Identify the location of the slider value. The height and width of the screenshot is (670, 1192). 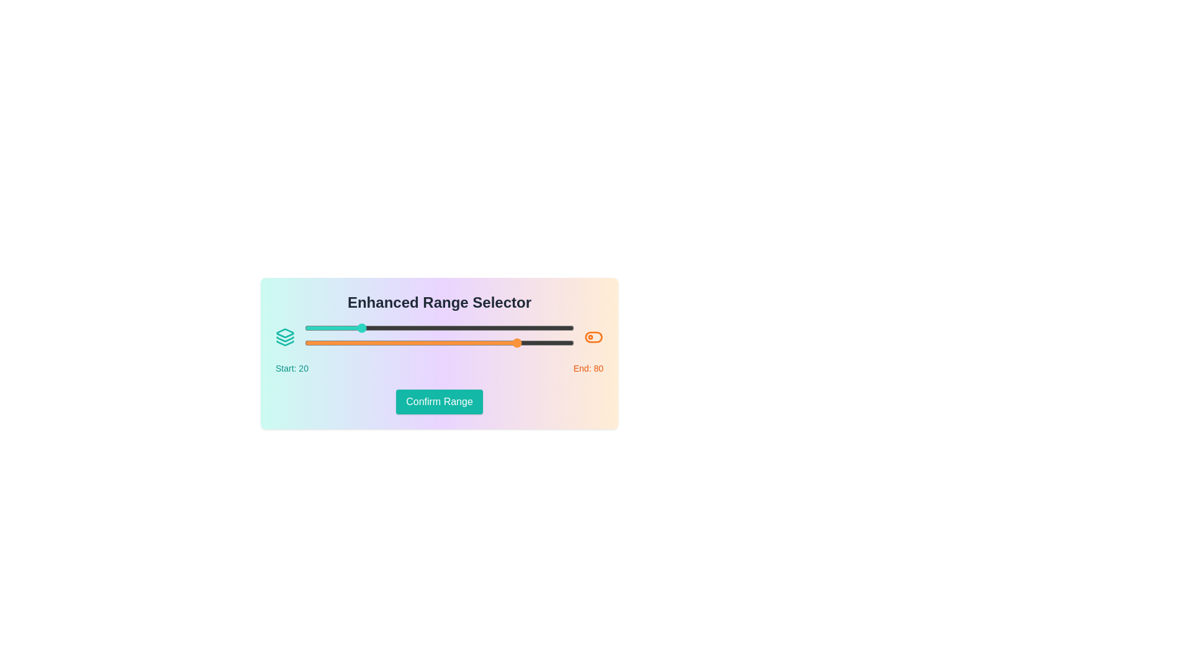
(415, 342).